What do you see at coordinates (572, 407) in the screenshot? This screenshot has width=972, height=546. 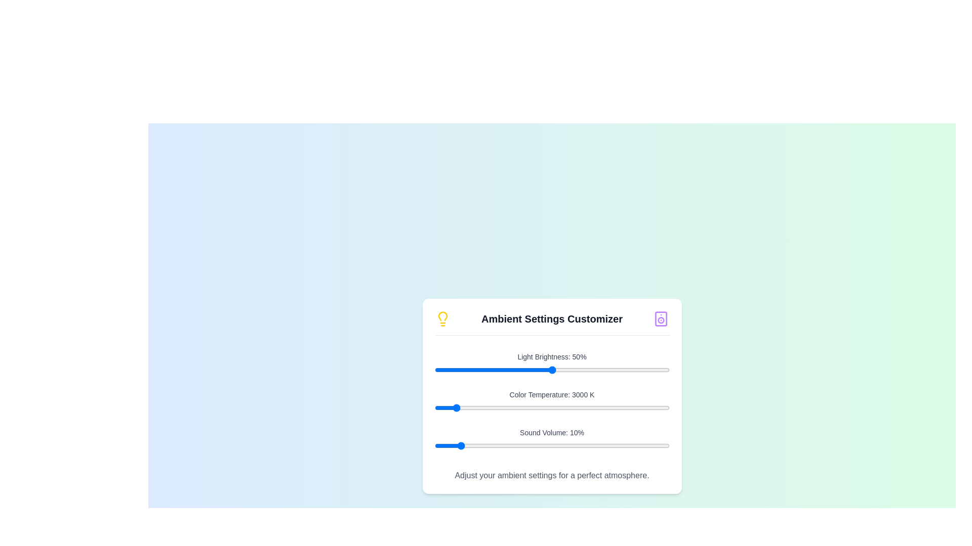 I see `color temperature` at bounding box center [572, 407].